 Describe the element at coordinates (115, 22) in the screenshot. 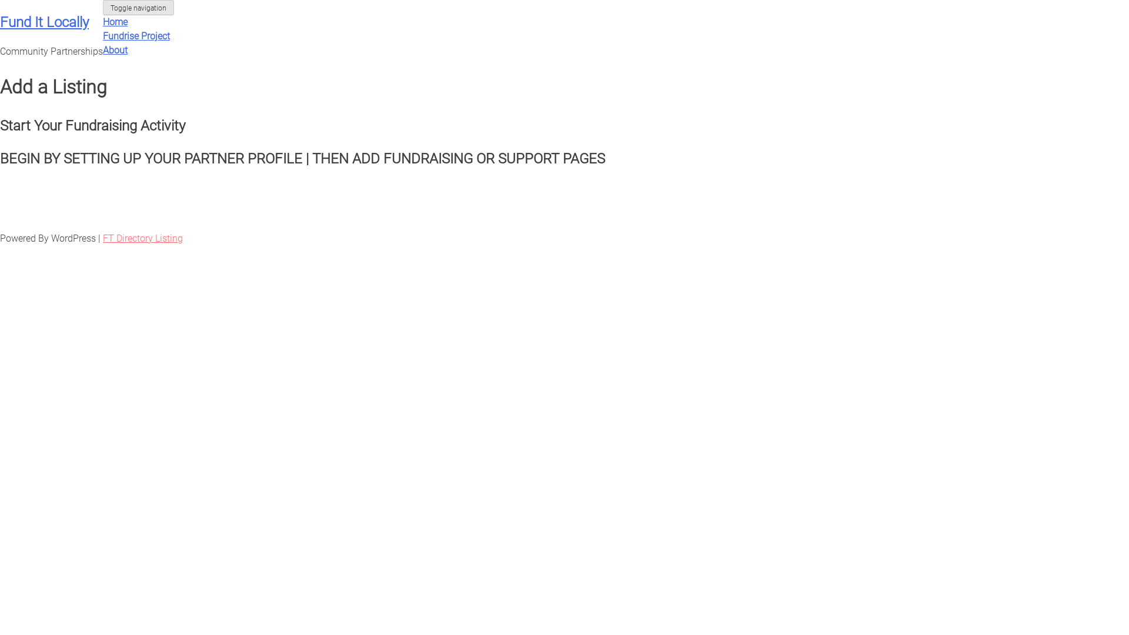

I see `'Home'` at that location.